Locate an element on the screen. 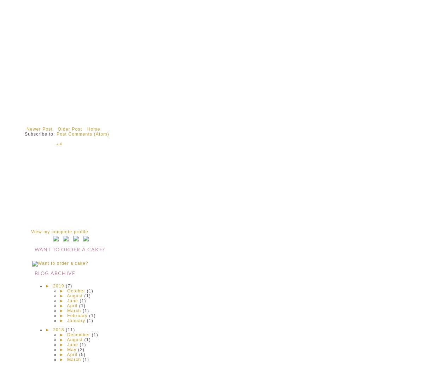 The width and height of the screenshot is (427, 366). 'Want to order a cake?' is located at coordinates (34, 249).